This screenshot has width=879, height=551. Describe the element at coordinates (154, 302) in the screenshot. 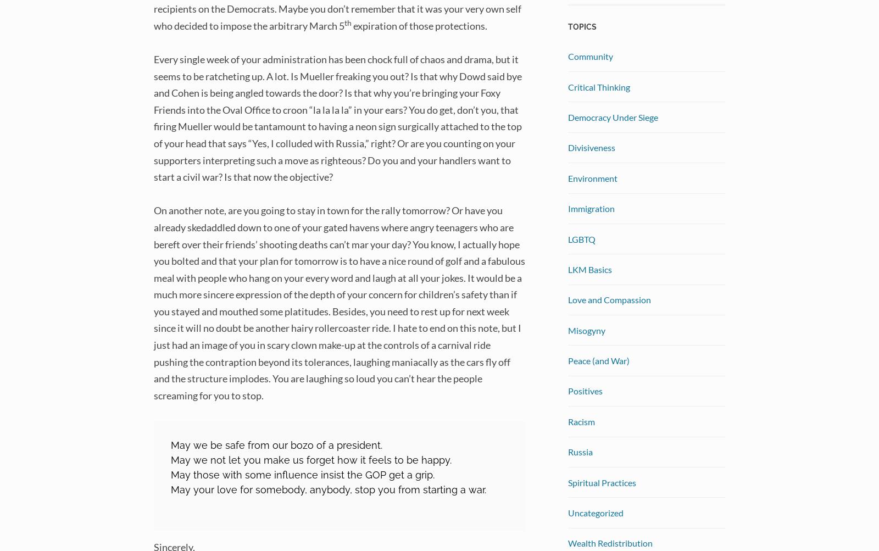

I see `'On another note, are you going to stay in town for the rally tomorrow? Or have you already skedaddled down to one of your gated havens where angry teenagers who are bereft over their friends’ shooting deaths can’t mar your day? You know, I actually hope you bolted and that your plan for tomorrow is to have a nice round of golf and a fabulous meal with people who hang on your every word and laugh at all your jokes. It would be a much more sincere expression of the depth of your concern for children’s safety than if you stayed and mouthed some platitudes. Besides, you need to rest up for next week since it will no doubt be another hairy rollercoaster ride. I hate to end on this note, but I just had an image of you in scary clown make-up at the controls of a carnival ride pushing the contraption beyond its tolerances, laughing maniacally as the cars fly off and the structure implodes. You are laughing so loud you can’t hear the people screaming for you to stop.'` at that location.